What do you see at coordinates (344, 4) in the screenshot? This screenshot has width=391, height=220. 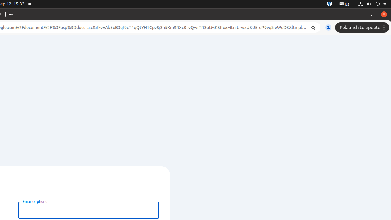 I see `':1.21/StatusNotifierItem'` at bounding box center [344, 4].